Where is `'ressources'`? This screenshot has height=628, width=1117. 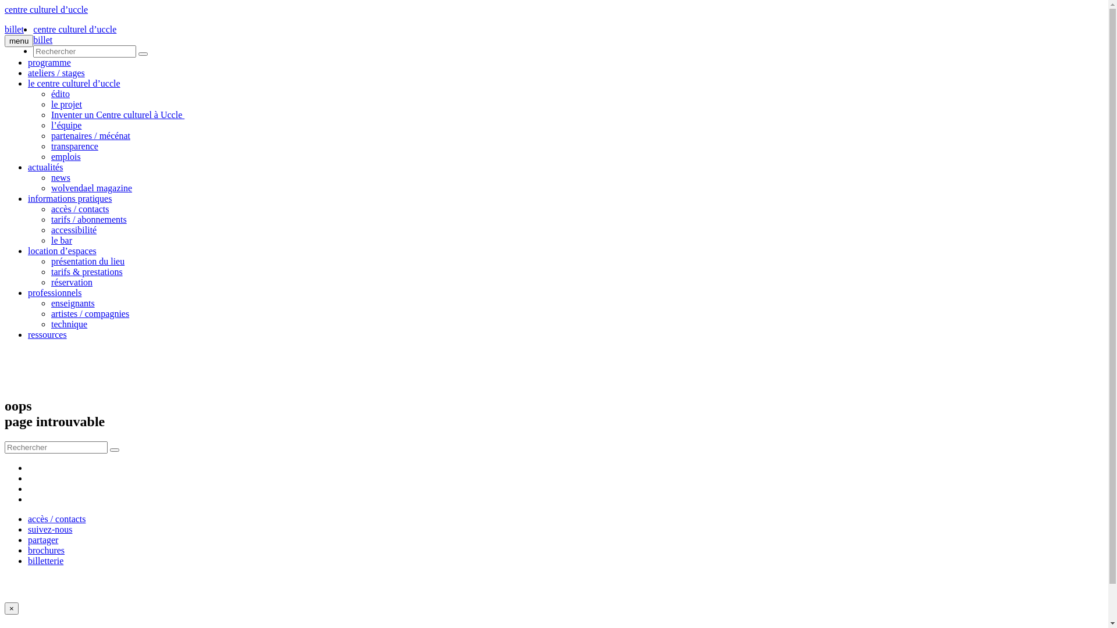
'ressources' is located at coordinates (28, 334).